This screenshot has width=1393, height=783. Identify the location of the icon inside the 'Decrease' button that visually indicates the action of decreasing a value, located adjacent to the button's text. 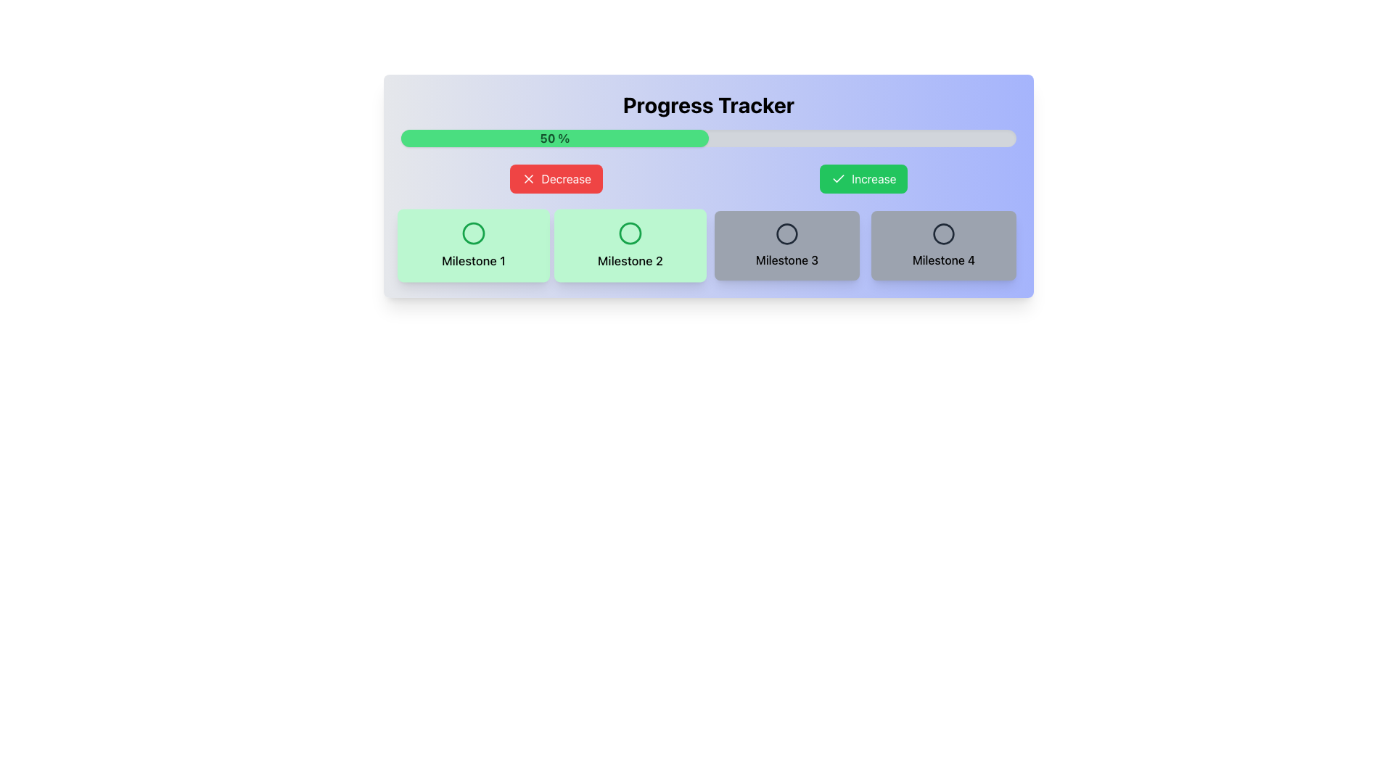
(527, 178).